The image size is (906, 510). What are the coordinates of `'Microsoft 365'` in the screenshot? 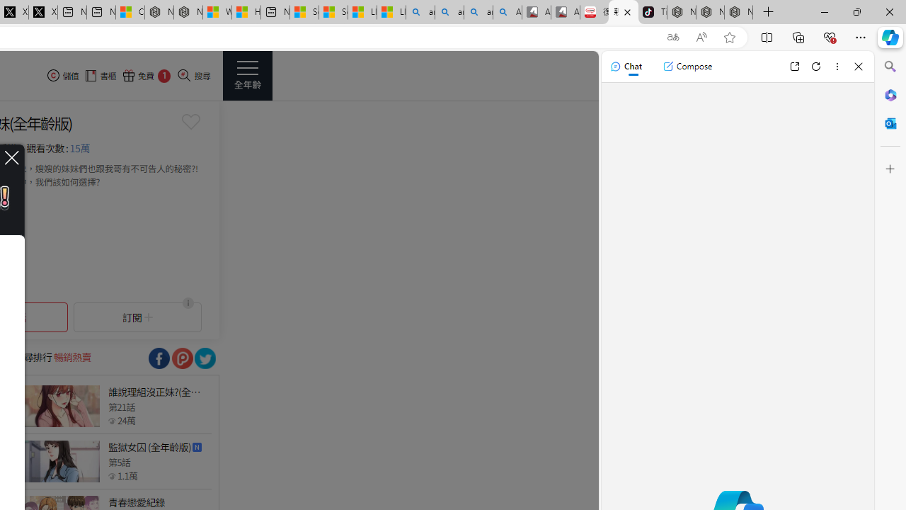 It's located at (890, 94).